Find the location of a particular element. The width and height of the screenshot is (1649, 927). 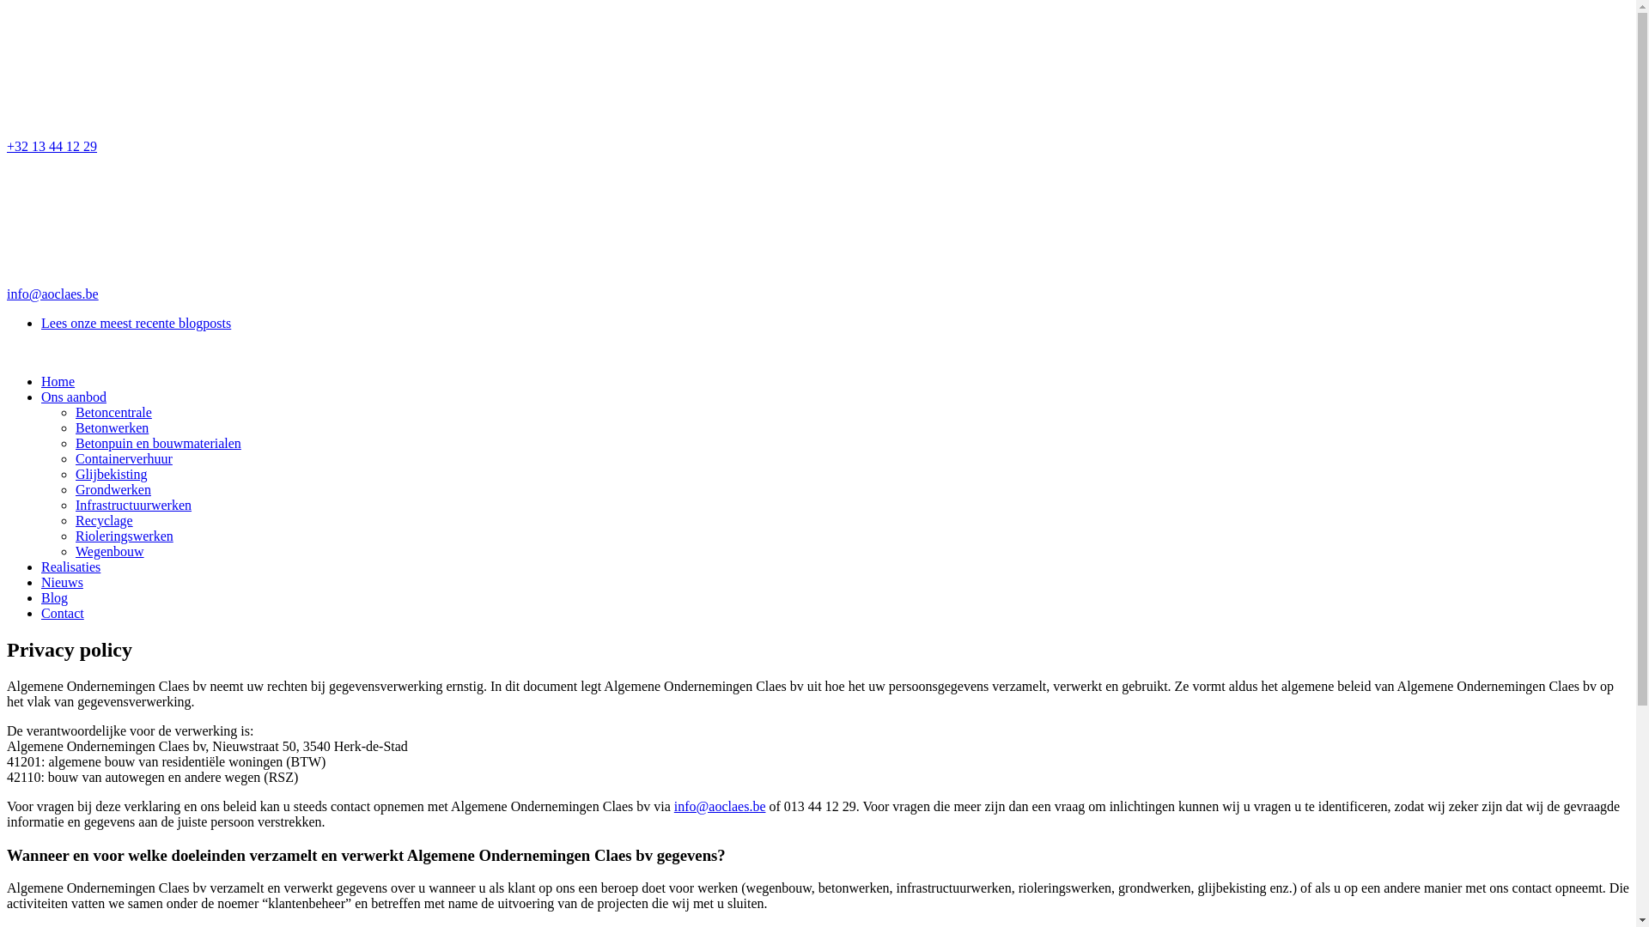

'Betoncentrale' is located at coordinates (113, 412).